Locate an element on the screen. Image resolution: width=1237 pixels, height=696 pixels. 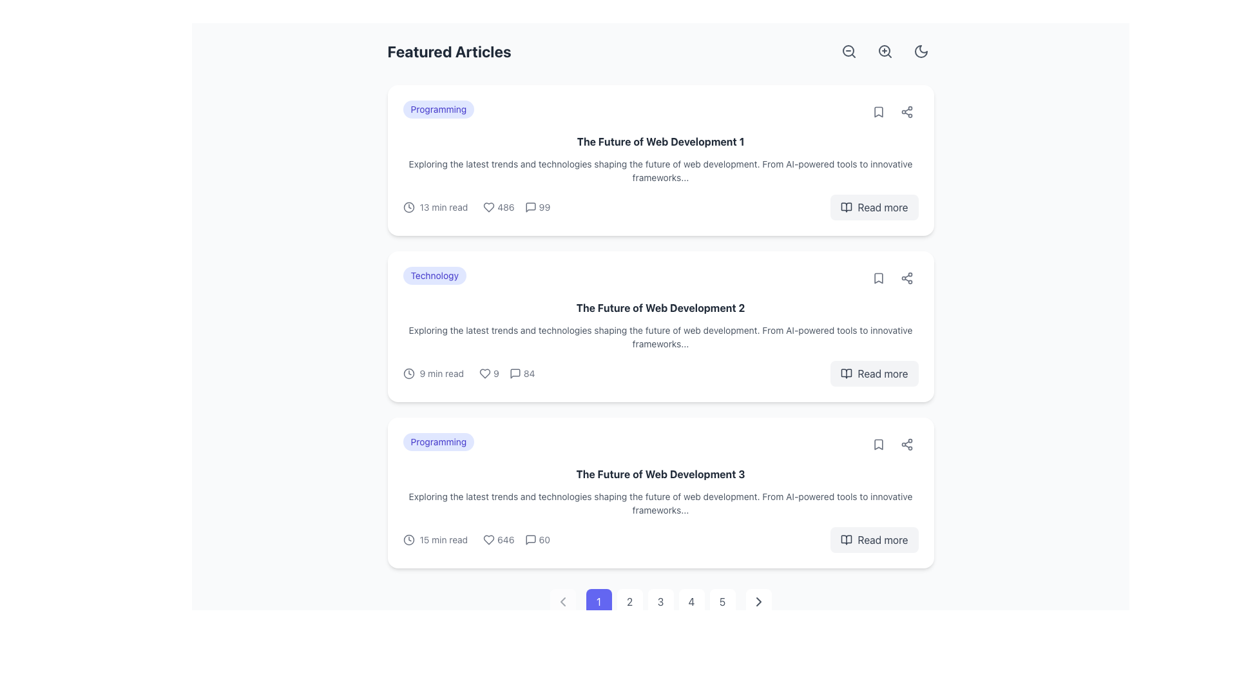
the heart-shaped icon located within the second content card's metadata is located at coordinates (484, 373).